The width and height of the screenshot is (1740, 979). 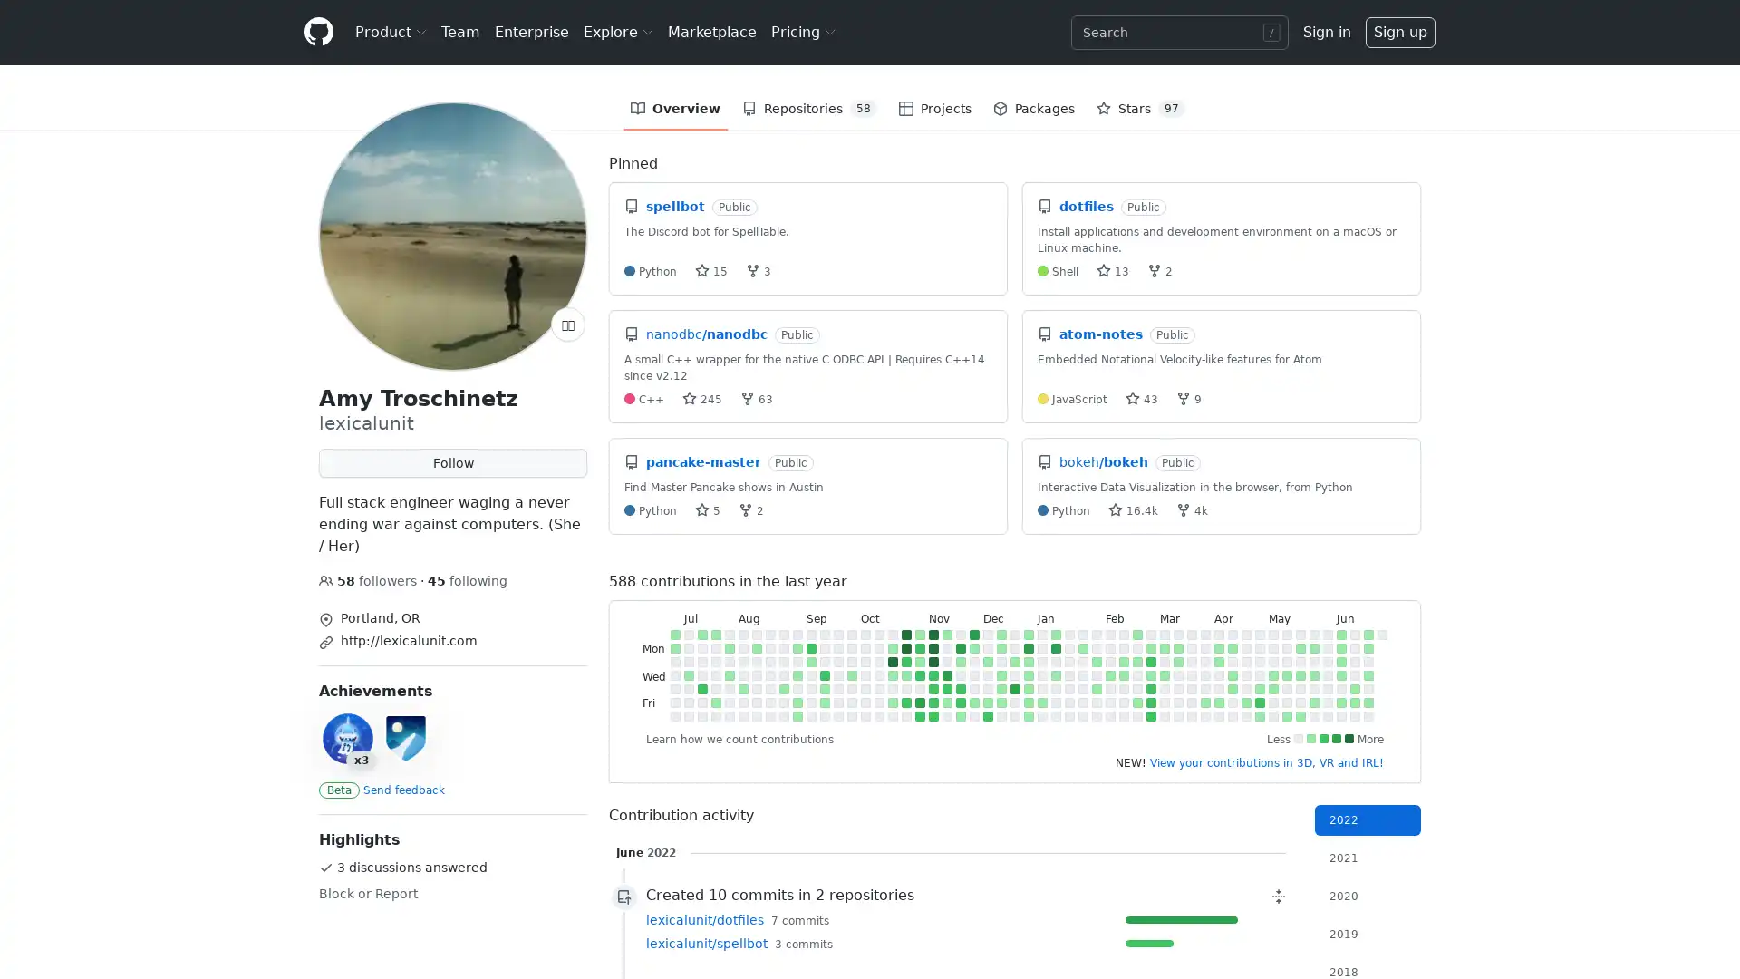 I want to click on Block or Report, so click(x=367, y=893).